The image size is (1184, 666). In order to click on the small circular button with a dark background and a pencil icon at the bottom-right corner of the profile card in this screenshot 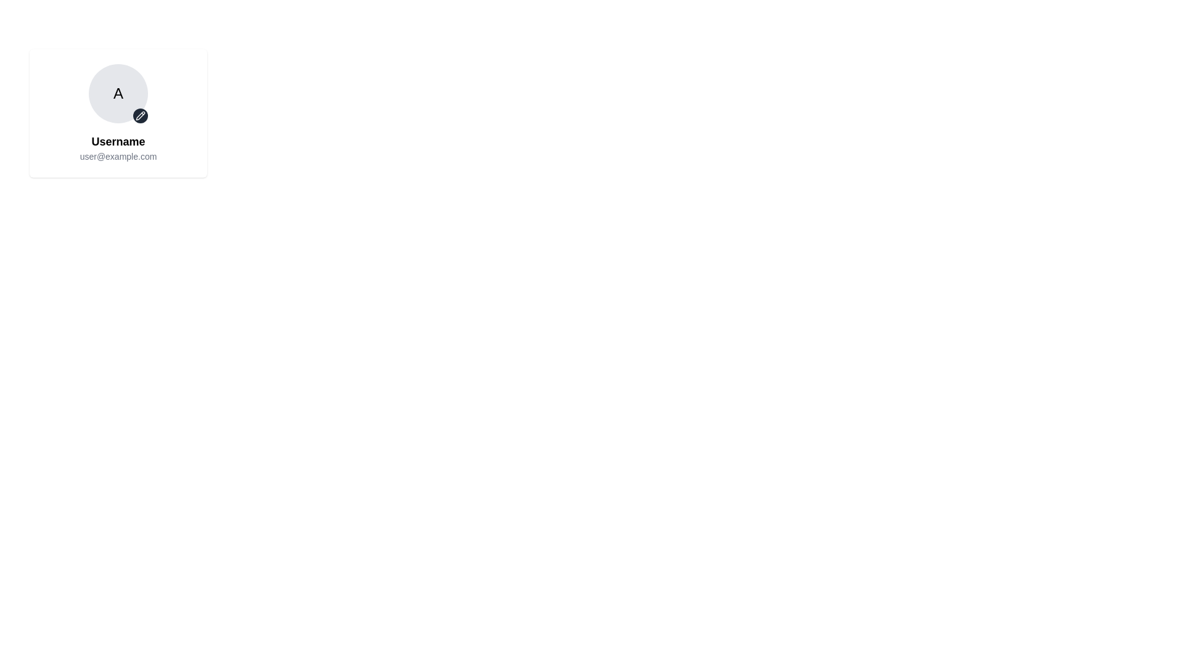, I will do `click(140, 116)`.